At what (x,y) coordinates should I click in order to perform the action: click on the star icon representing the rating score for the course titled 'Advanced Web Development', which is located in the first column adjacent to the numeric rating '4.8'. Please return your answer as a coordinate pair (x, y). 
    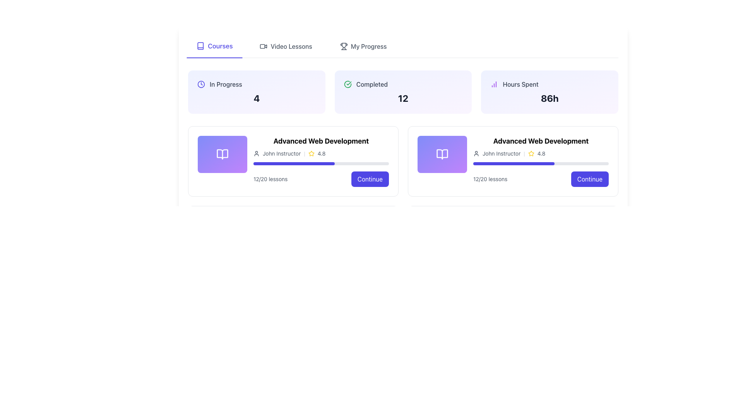
    Looking at the image, I should click on (531, 153).